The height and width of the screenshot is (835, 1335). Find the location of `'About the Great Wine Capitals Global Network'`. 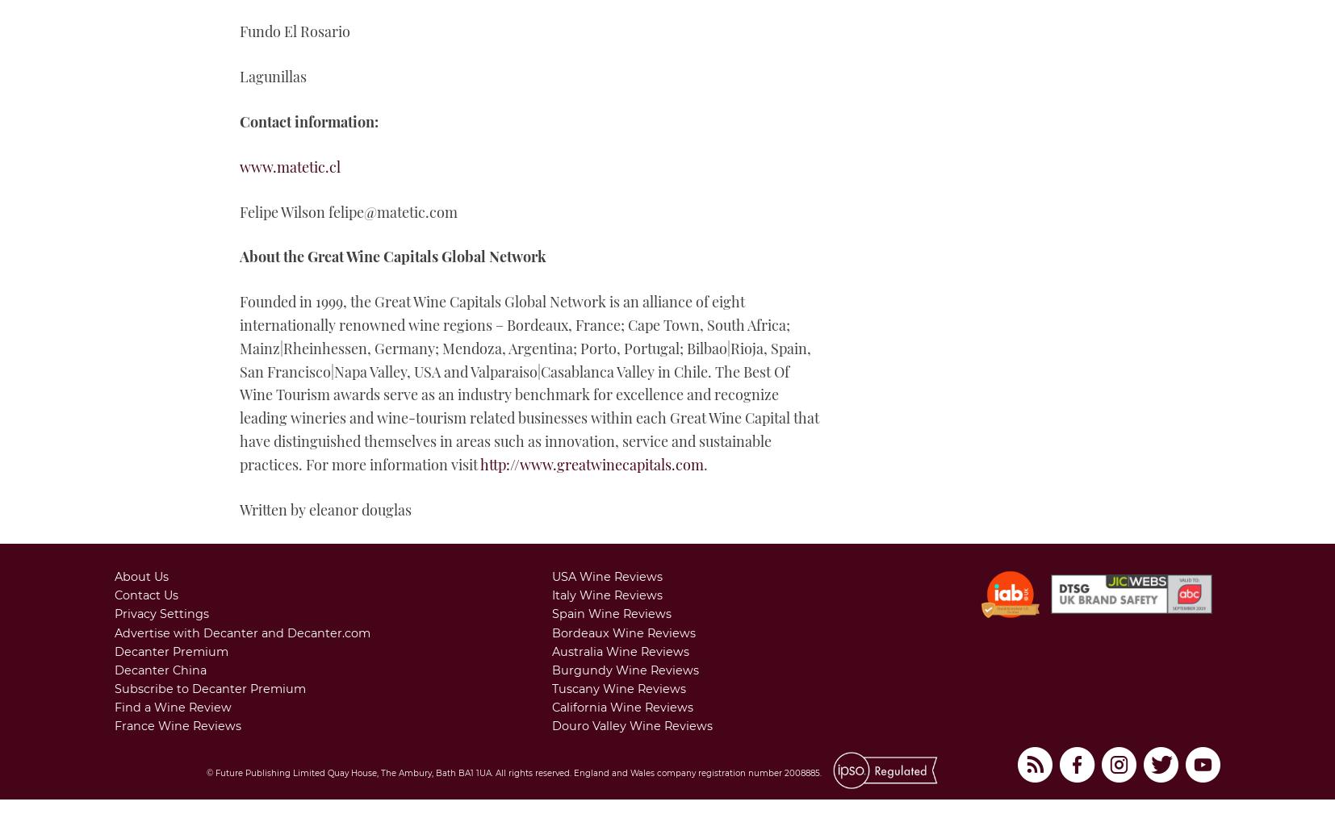

'About the Great Wine Capitals Global Network' is located at coordinates (392, 256).